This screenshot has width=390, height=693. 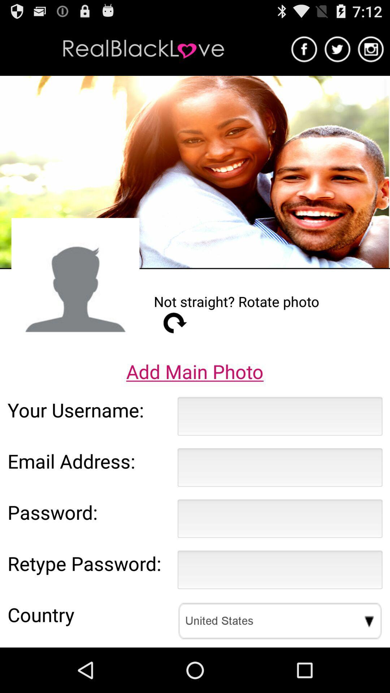 What do you see at coordinates (75, 282) in the screenshot?
I see `the item above add main photo item` at bounding box center [75, 282].